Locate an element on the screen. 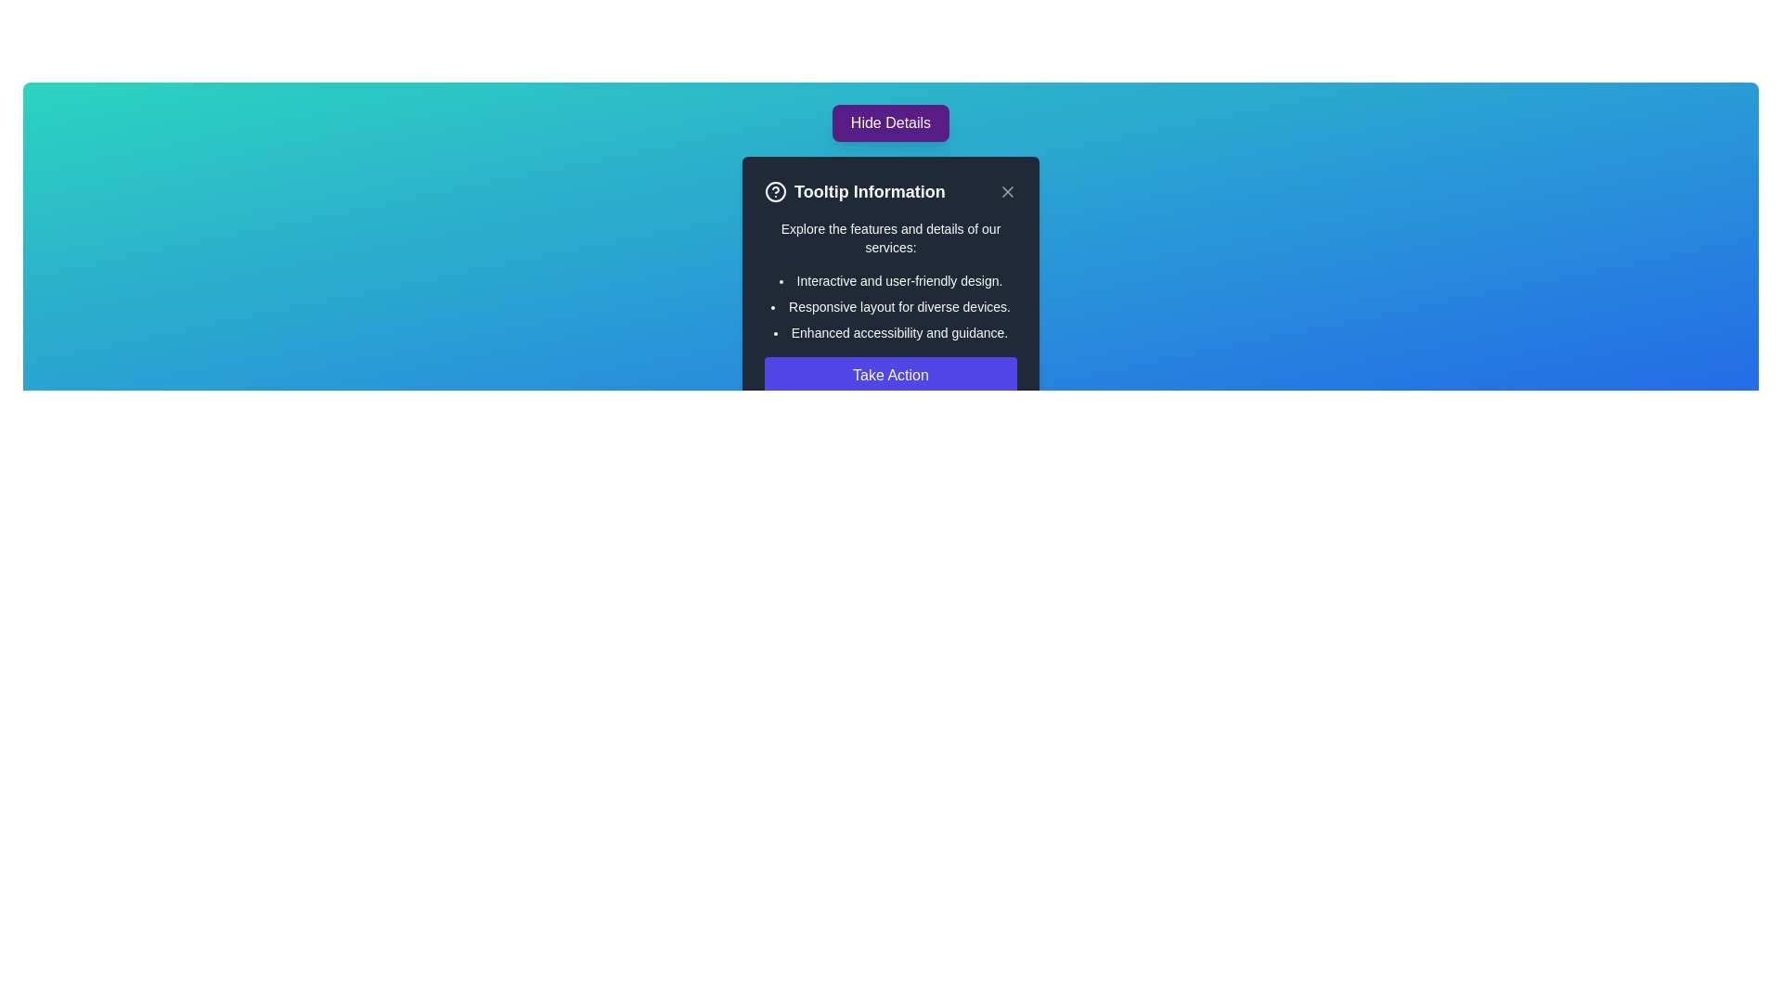 This screenshot has width=1782, height=1002. the third item in the 'Tooltip Information' bulleted list, which presents information but has no interactive functionality is located at coordinates (891, 331).